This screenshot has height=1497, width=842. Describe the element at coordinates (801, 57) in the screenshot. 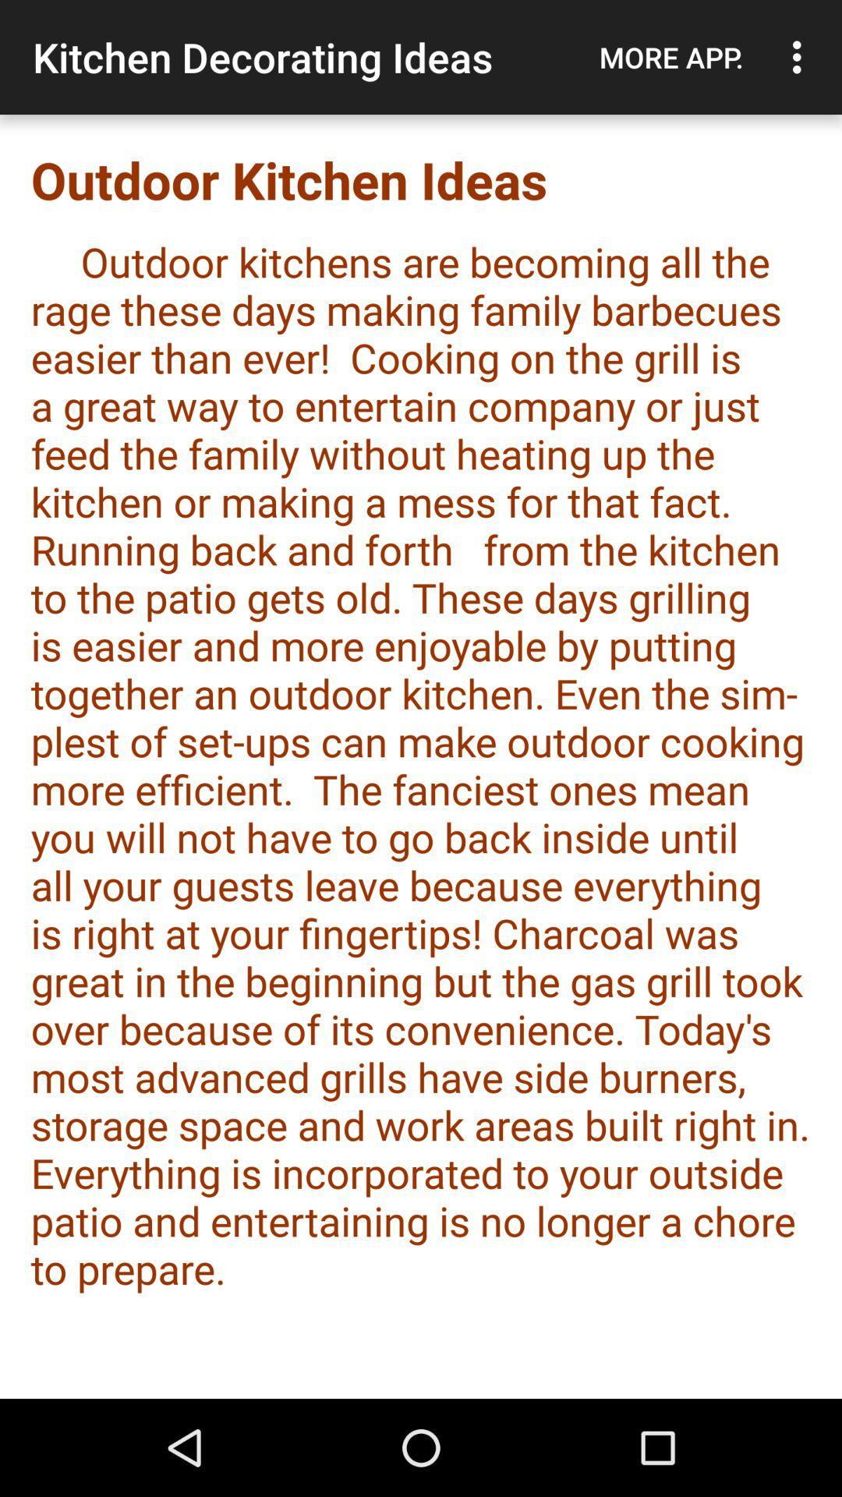

I see `icon next to the more app.` at that location.